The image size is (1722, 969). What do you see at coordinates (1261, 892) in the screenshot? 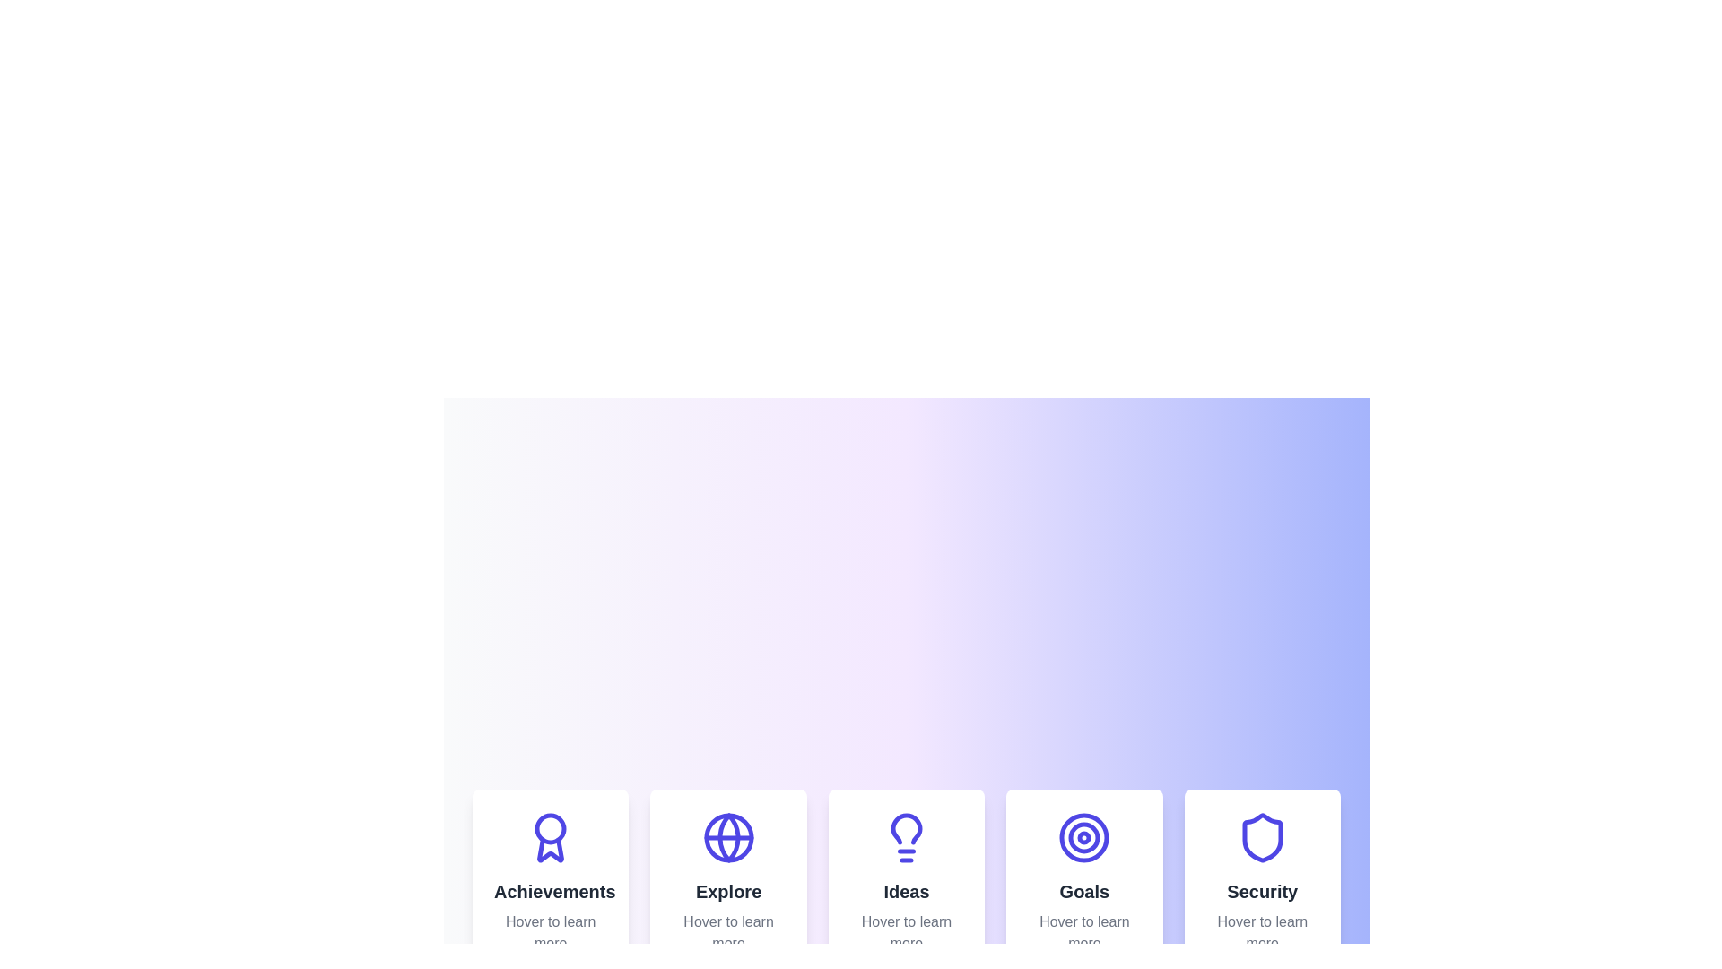
I see `the static text label describing the 'Security' feature, which is located within the fifth card in a horizontal row of similar containers` at bounding box center [1261, 892].